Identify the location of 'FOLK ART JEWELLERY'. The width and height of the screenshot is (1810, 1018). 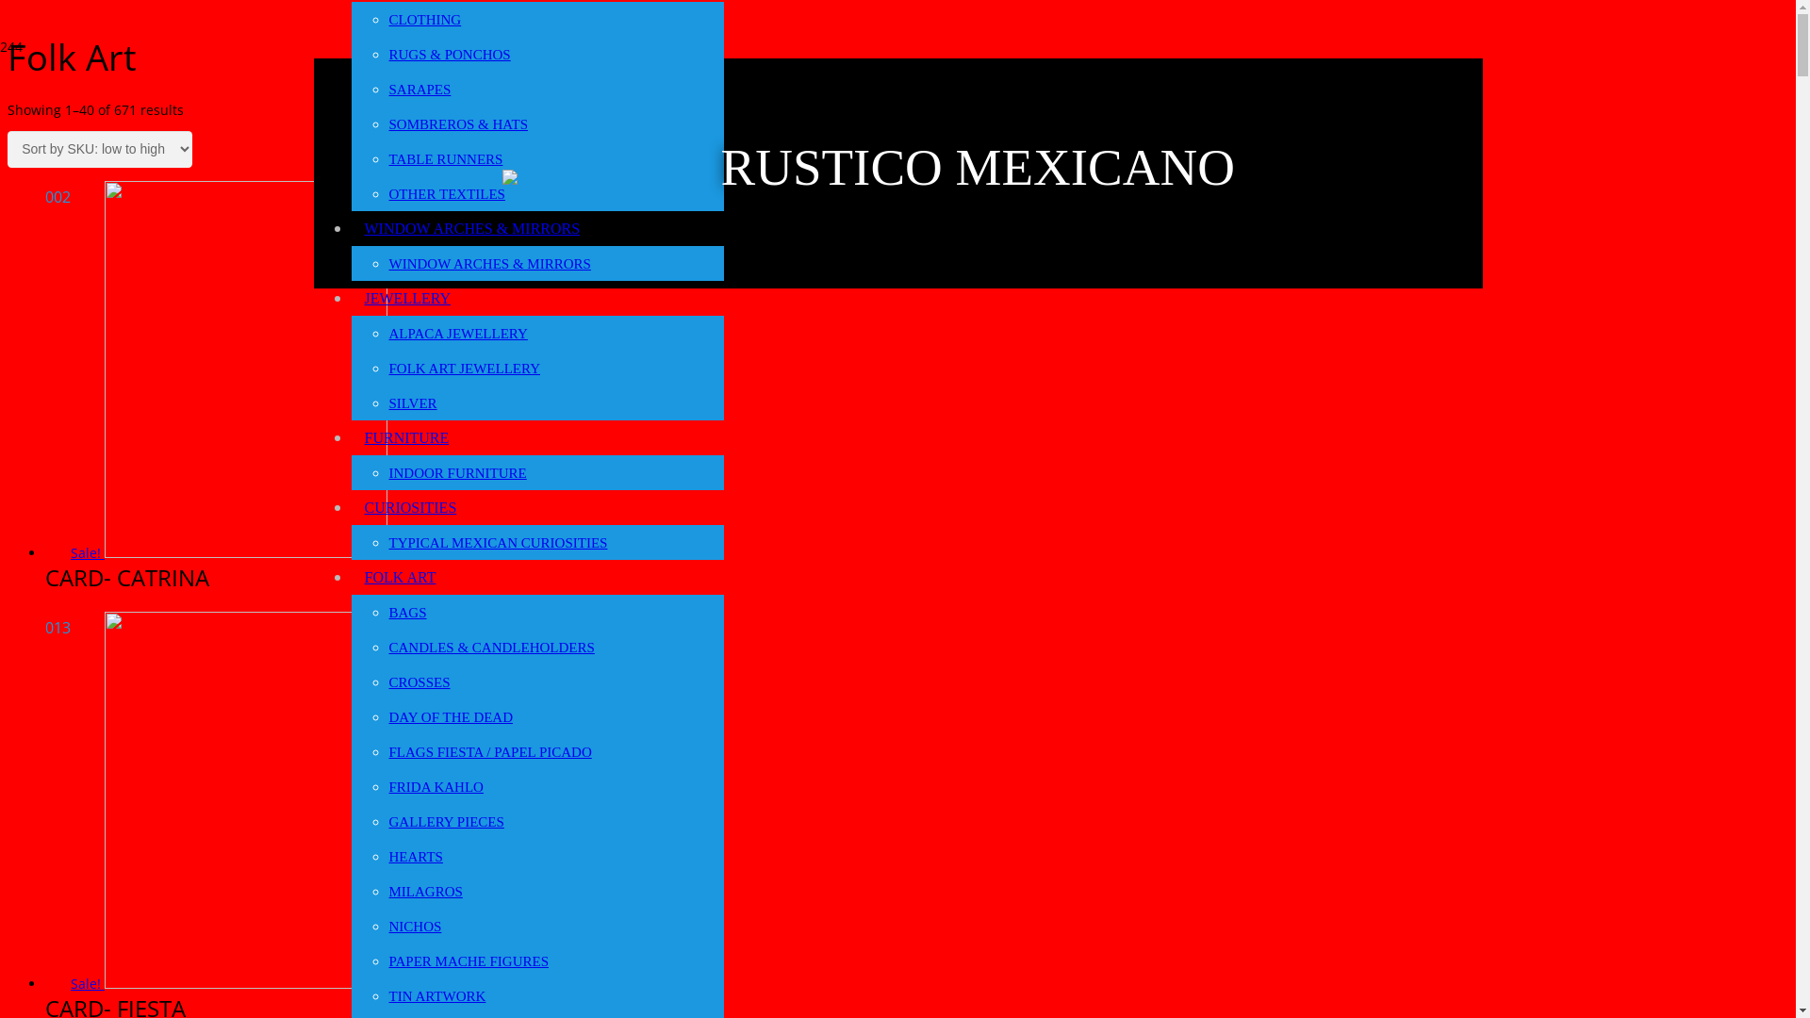
(464, 368).